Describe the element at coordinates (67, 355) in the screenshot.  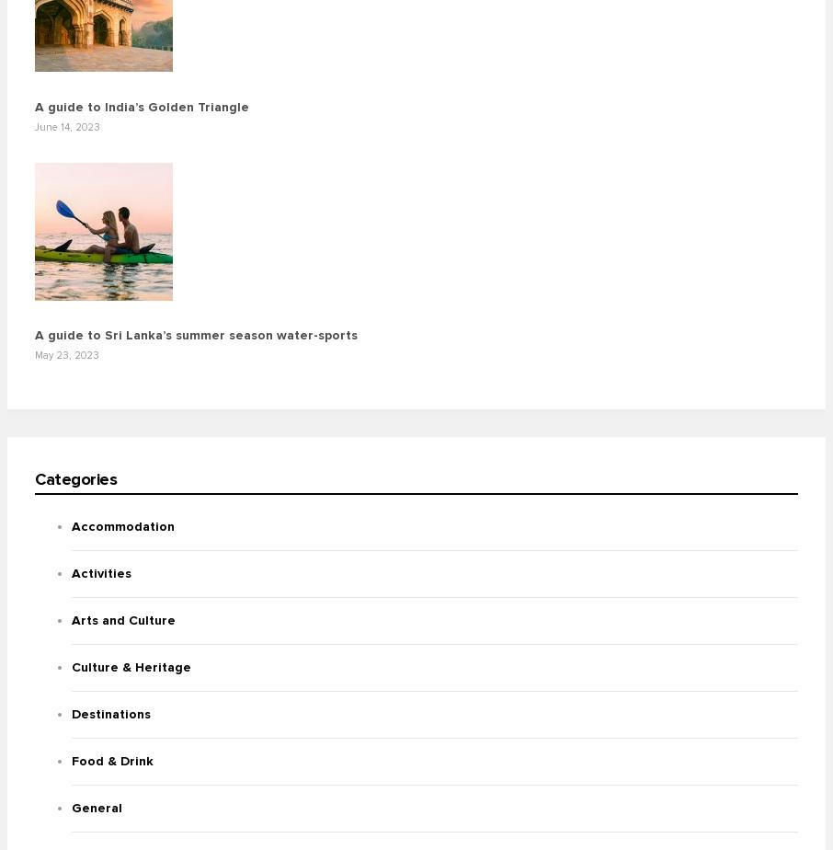
I see `'May 23, 2023'` at that location.